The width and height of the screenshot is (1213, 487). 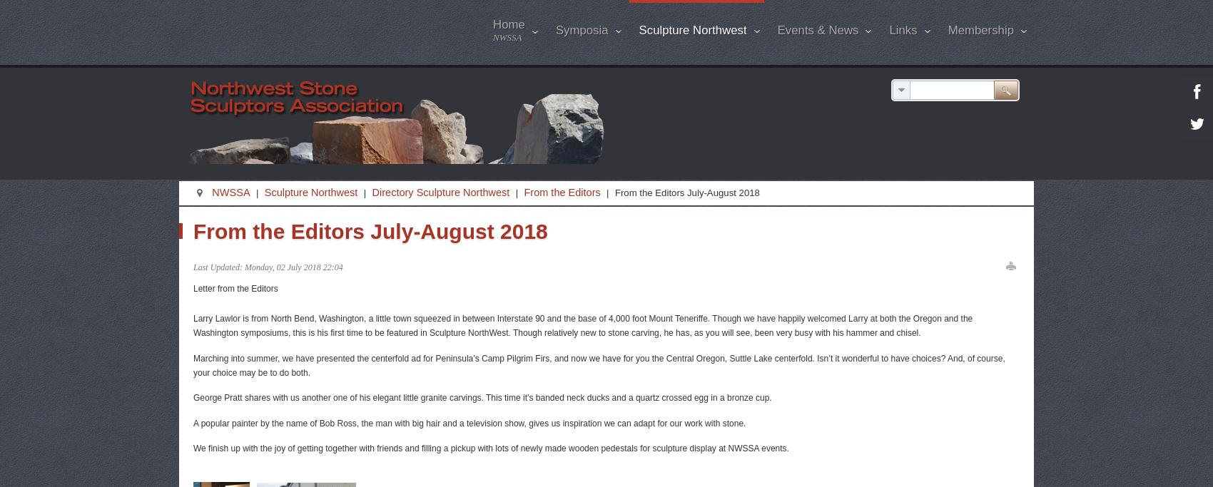 What do you see at coordinates (923, 172) in the screenshot?
I see `'Tags'` at bounding box center [923, 172].